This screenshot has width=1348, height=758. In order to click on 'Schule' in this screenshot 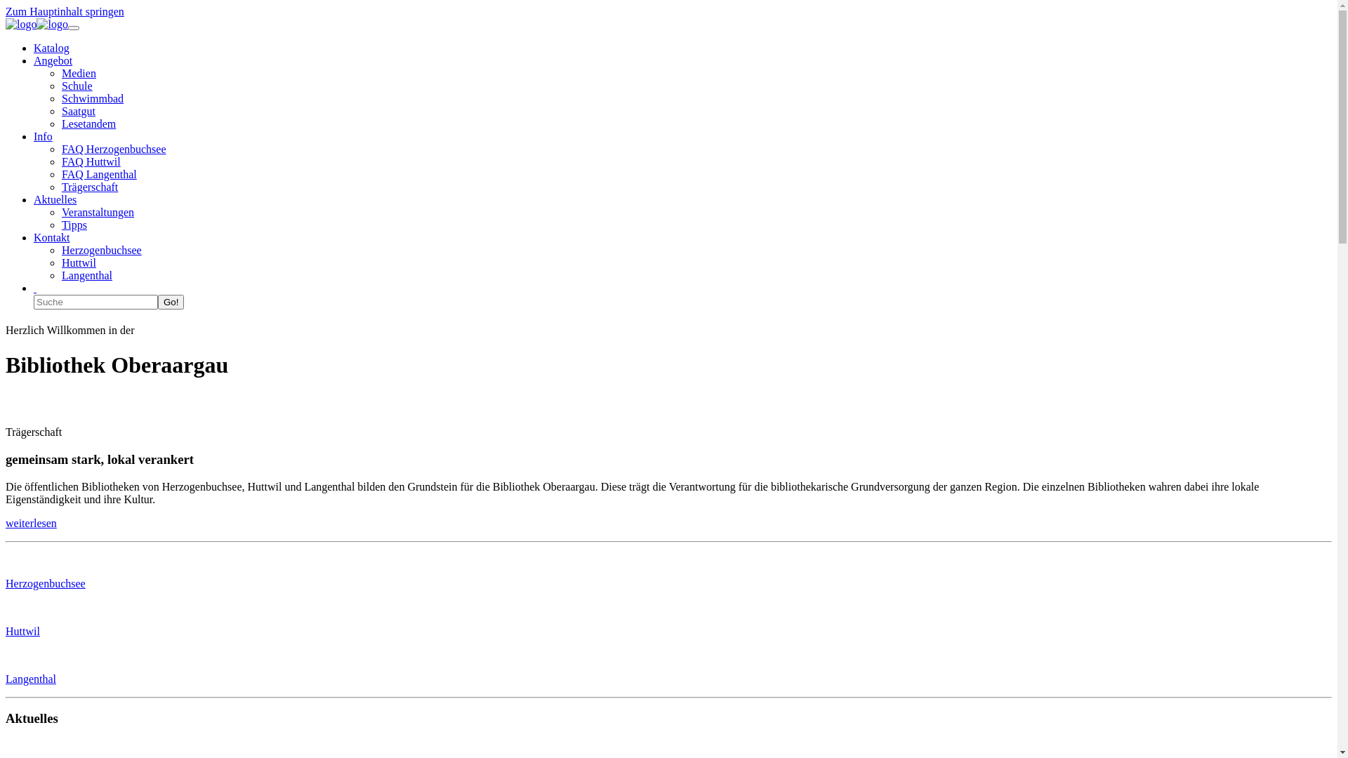, I will do `click(60, 86)`.